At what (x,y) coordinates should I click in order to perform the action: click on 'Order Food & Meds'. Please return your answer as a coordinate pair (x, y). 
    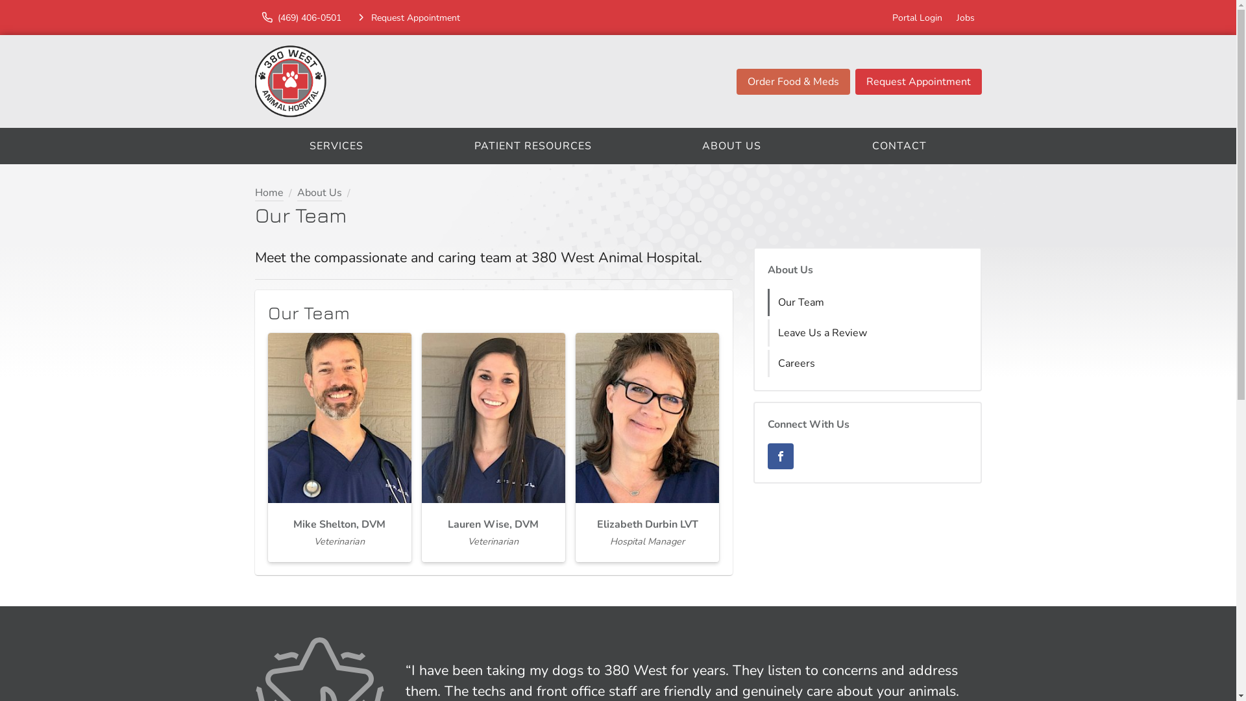
    Looking at the image, I should click on (735, 82).